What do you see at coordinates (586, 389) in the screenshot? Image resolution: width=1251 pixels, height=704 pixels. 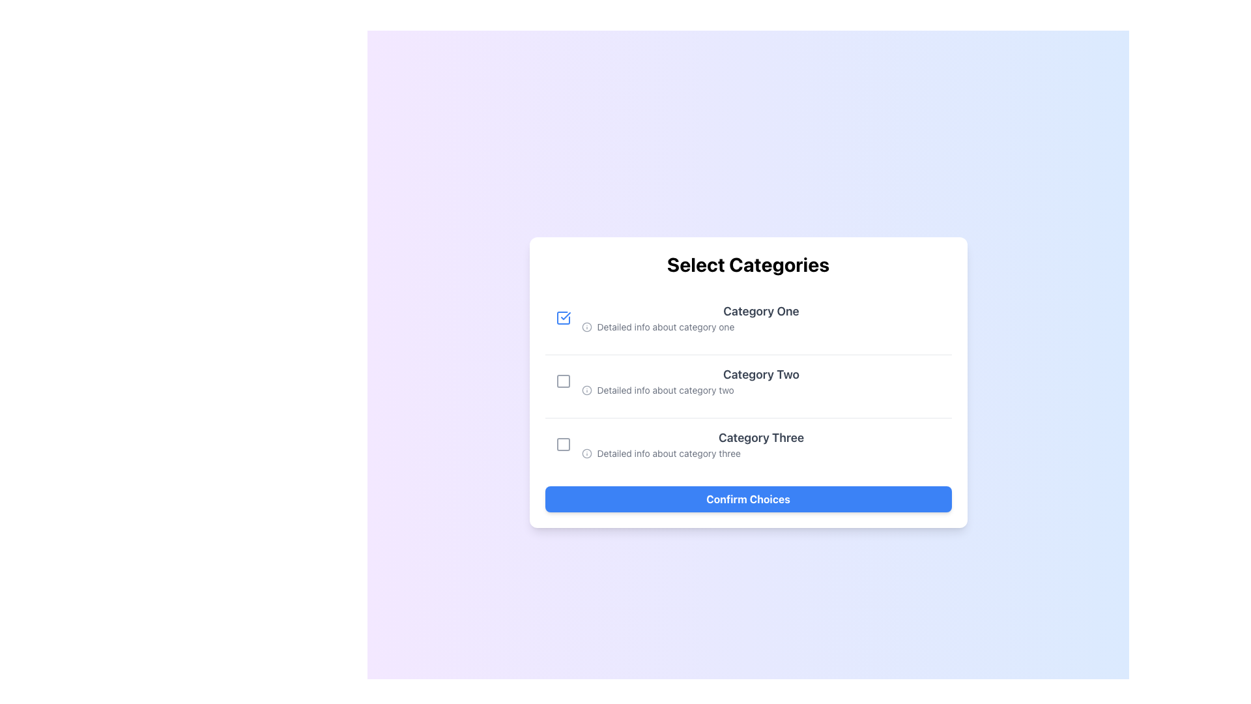 I see `the SVG Circle Element of the info icon located to the left of the description text 'Detailed info about category two' in the 'Select Categories' dialog box` at bounding box center [586, 389].